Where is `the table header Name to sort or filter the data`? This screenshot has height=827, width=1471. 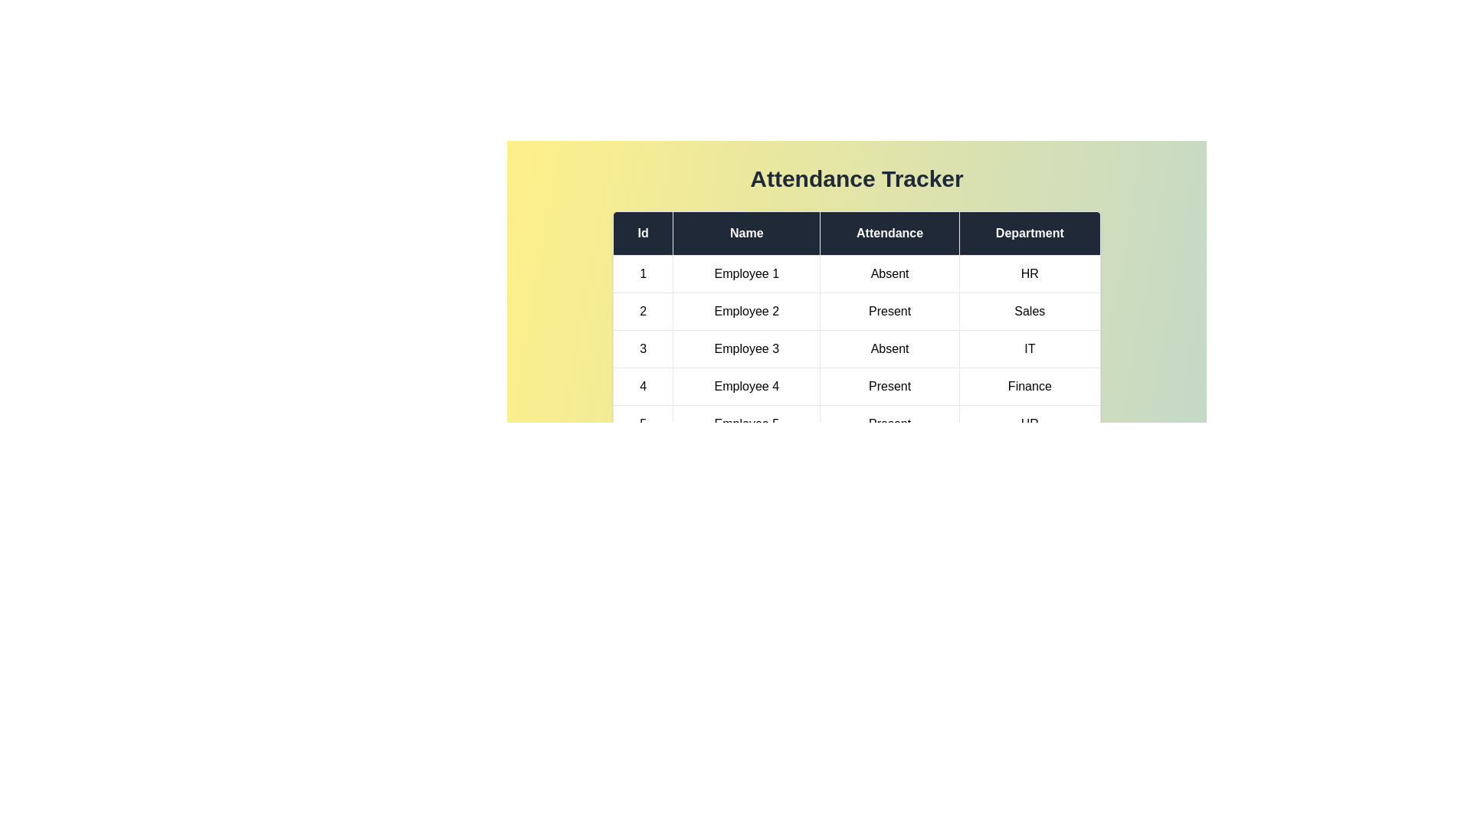 the table header Name to sort or filter the data is located at coordinates (746, 233).